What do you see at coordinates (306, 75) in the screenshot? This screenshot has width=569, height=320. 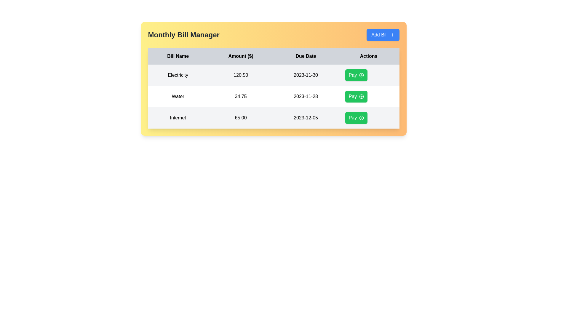 I see `due date text displayed in the static text element located between the 'Amount ($)' field and the 'Actions' column in the row labeled 'Electricity'` at bounding box center [306, 75].